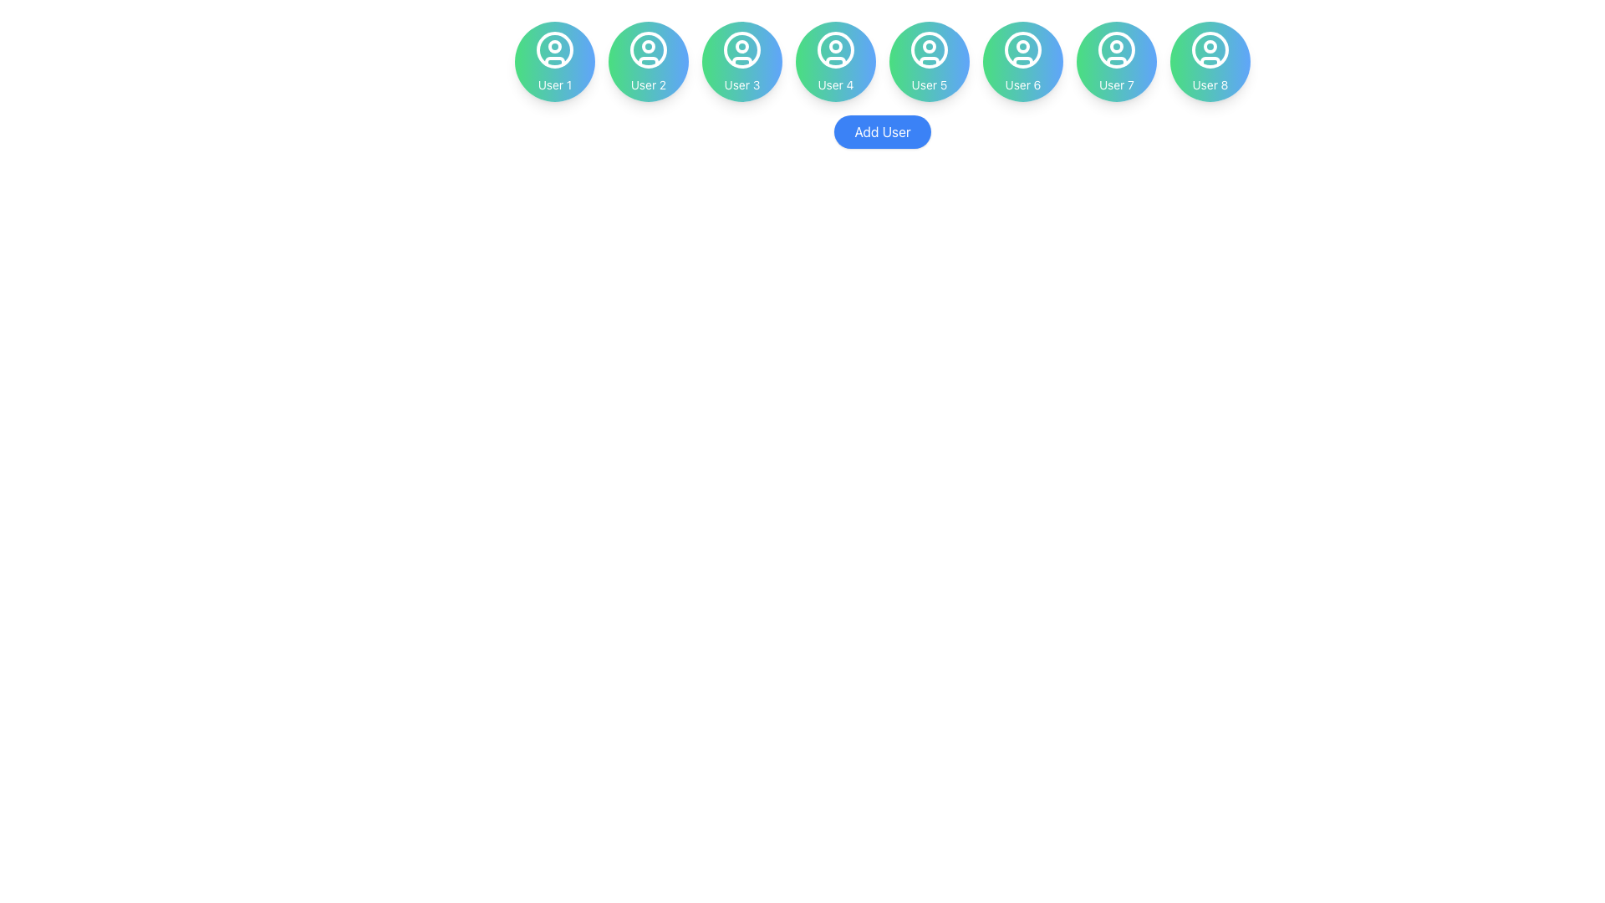 This screenshot has height=903, width=1605. Describe the element at coordinates (1116, 49) in the screenshot. I see `the Graphic Icon representing User 7 to view associated user information` at that location.